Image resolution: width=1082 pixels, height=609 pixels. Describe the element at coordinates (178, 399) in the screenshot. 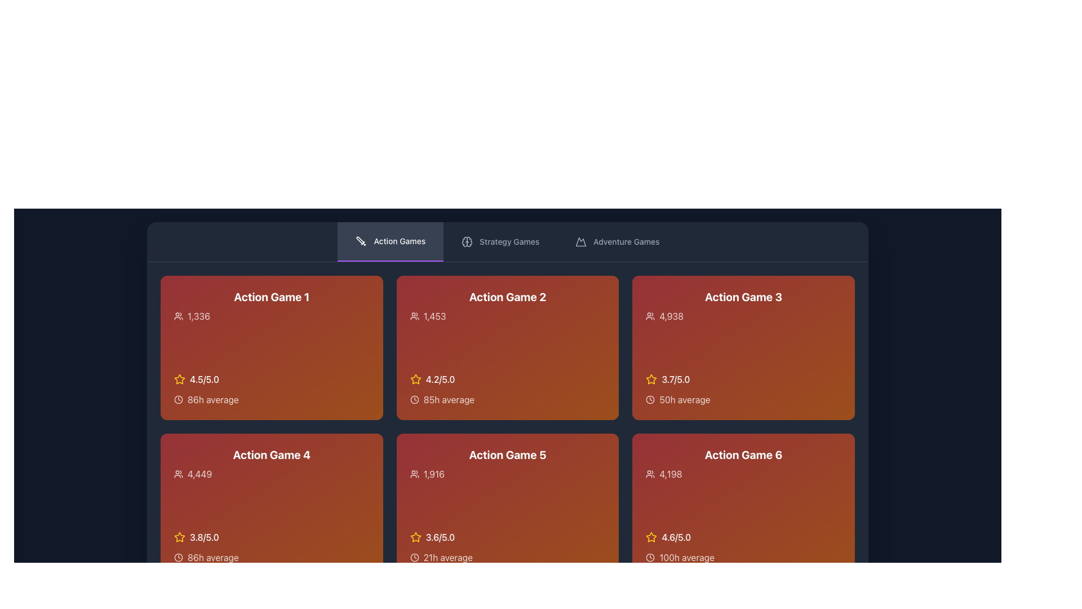

I see `the clock icon representing time-related information for 'Action Game 1' by clicking on the circular body of the clock icon located in the top-left of the card` at that location.